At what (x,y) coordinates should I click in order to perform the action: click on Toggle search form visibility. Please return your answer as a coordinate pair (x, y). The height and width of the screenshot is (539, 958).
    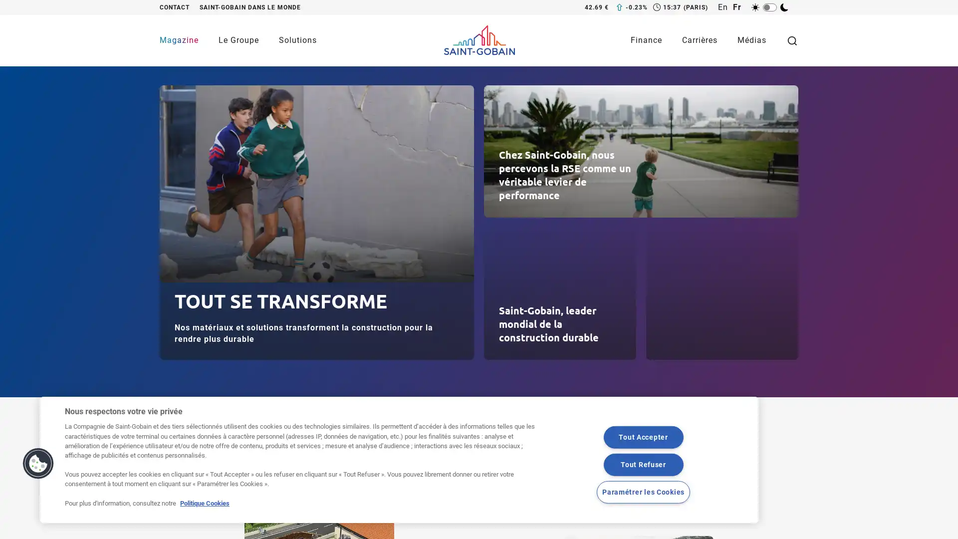
    Looking at the image, I should click on (792, 40).